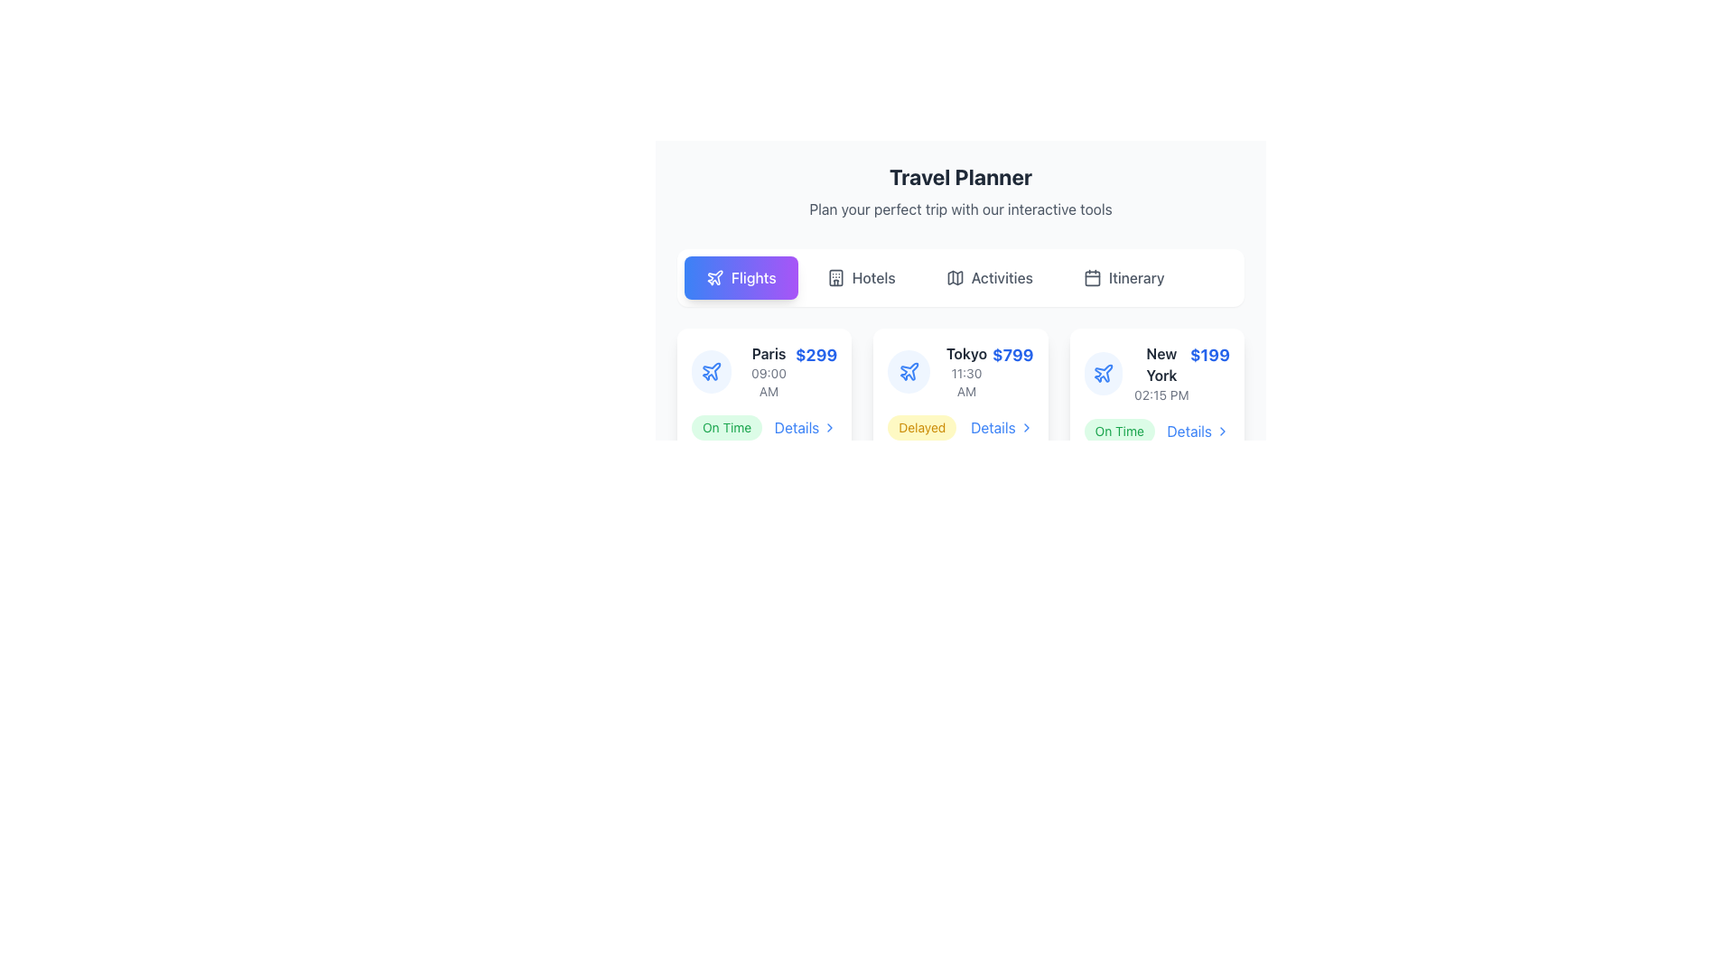 This screenshot has height=975, width=1734. Describe the element at coordinates (954, 278) in the screenshot. I see `the 'Activities' icon on the navigation bar` at that location.